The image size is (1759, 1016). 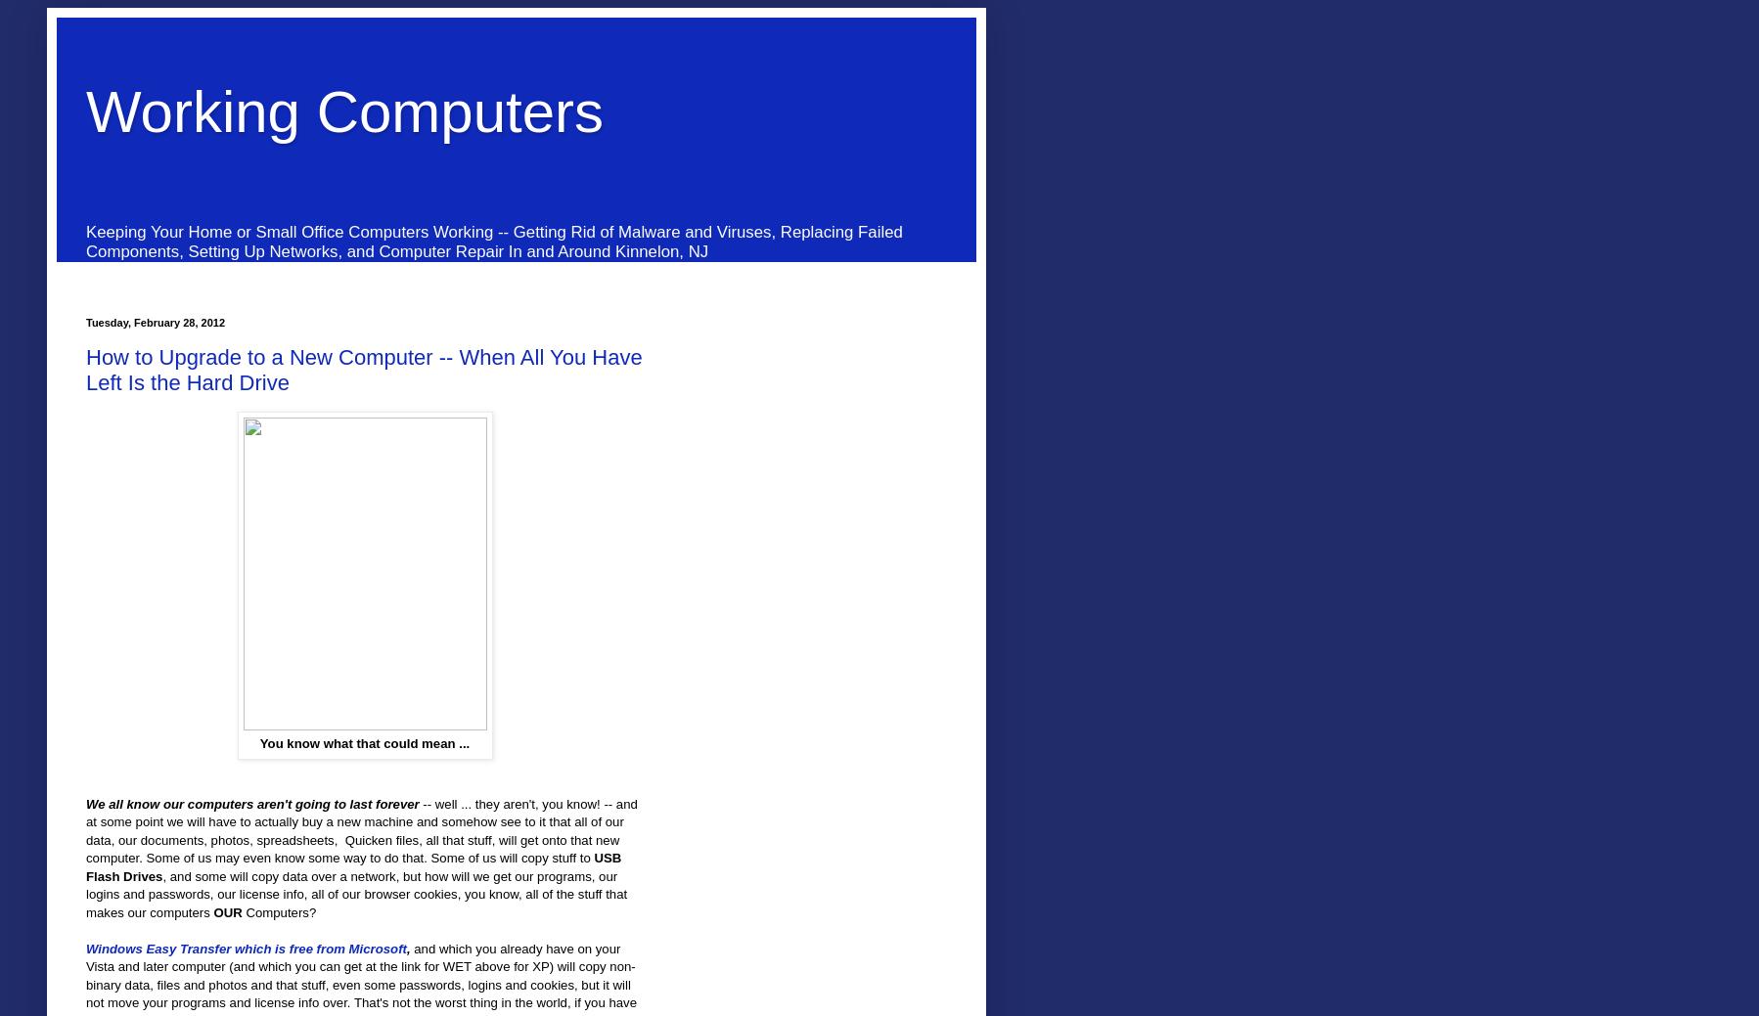 I want to click on 'We all know our computers aren't going to last forever', so click(x=252, y=802).